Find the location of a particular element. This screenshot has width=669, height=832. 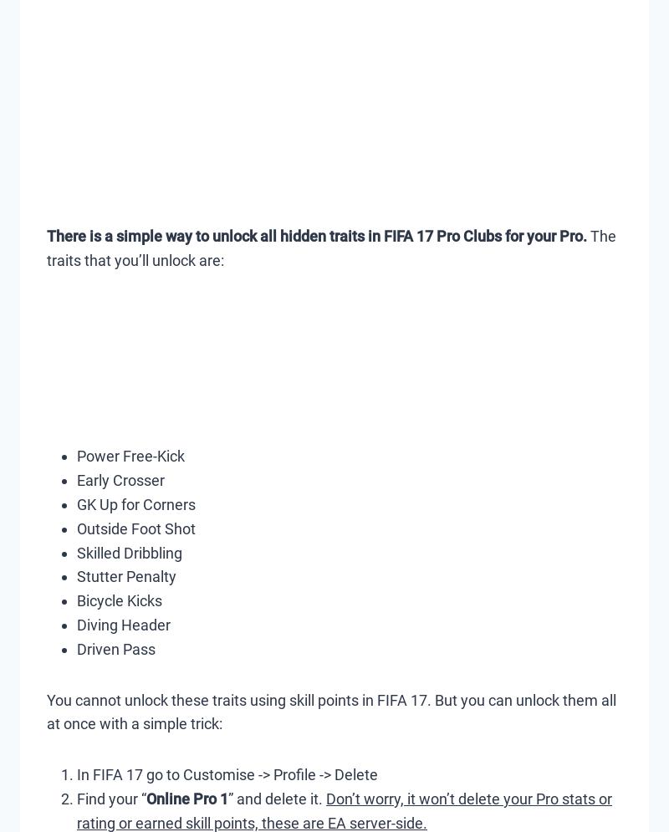

'You cannot unlock these traits using skill points in FIFA 17. But you can unlock them all at once with a simple trick:' is located at coordinates (330, 712).